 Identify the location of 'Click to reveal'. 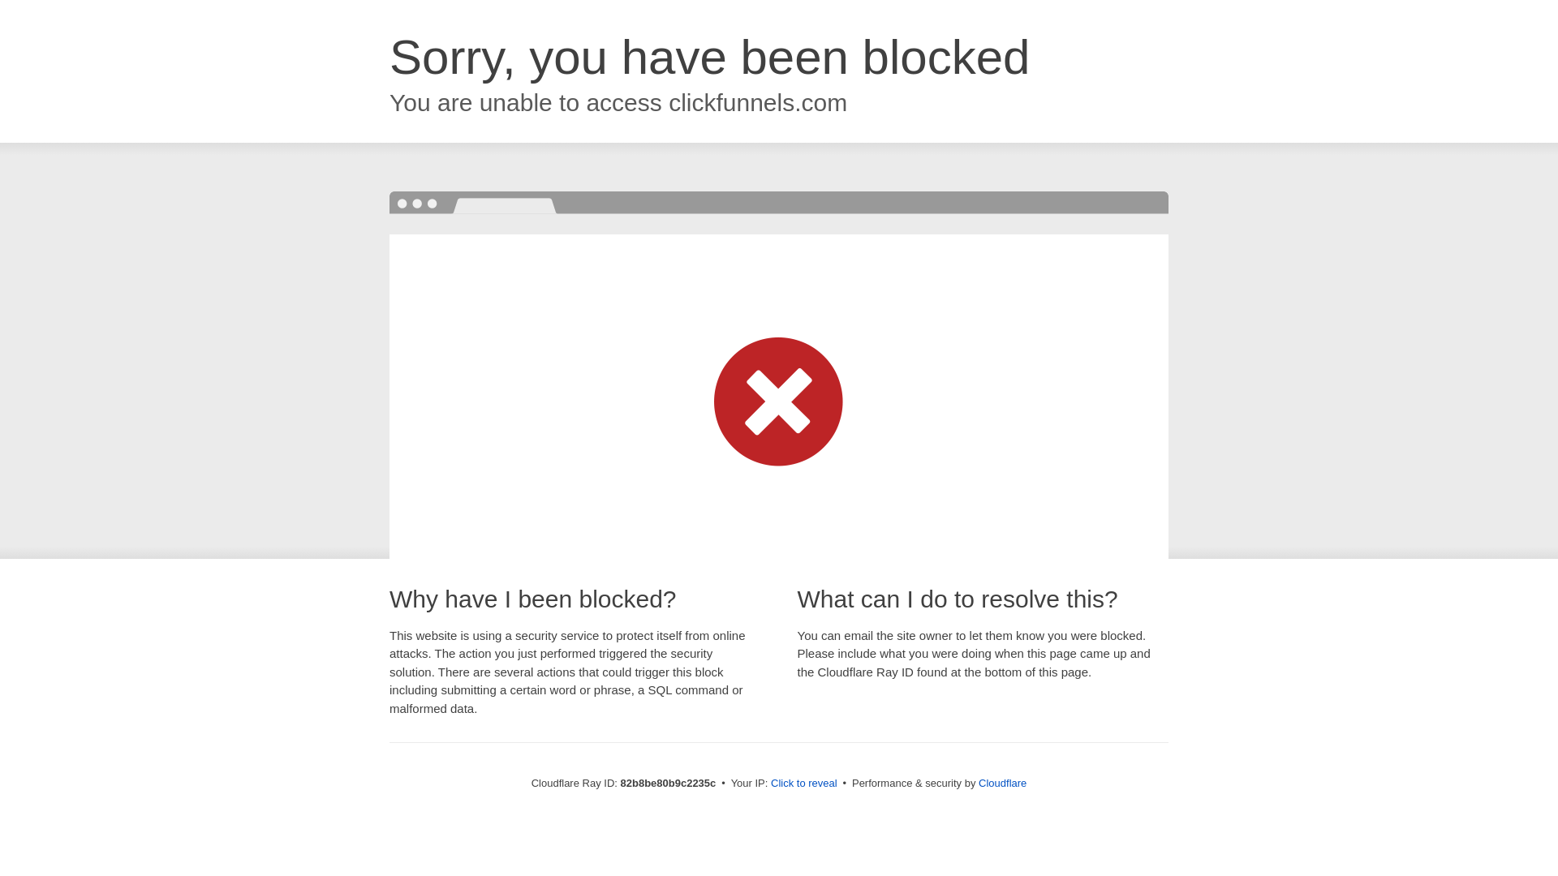
(803, 782).